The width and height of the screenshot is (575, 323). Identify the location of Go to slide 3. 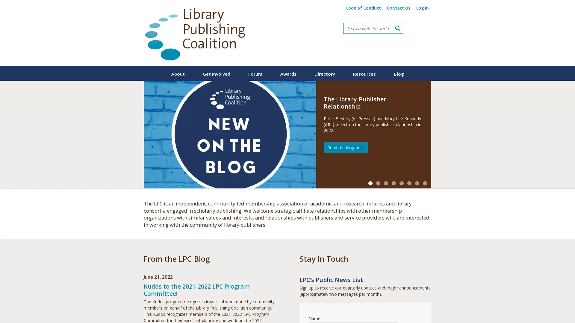
(386, 183).